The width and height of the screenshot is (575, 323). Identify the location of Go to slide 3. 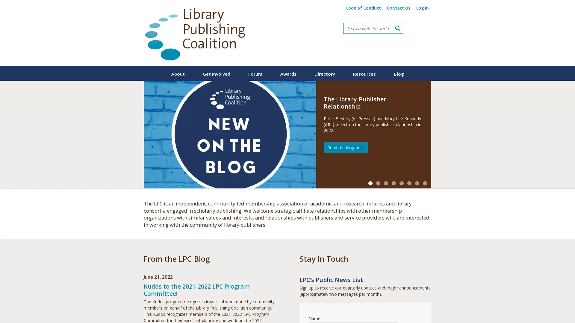
(386, 183).